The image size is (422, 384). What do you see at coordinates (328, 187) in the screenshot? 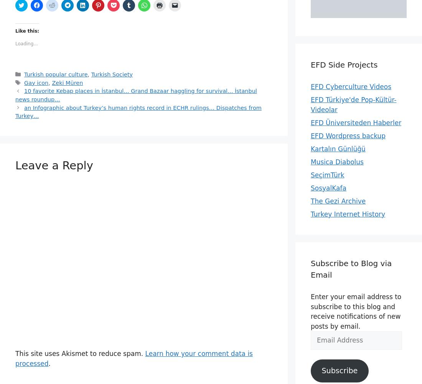
I see `'SosyalKafa'` at bounding box center [328, 187].